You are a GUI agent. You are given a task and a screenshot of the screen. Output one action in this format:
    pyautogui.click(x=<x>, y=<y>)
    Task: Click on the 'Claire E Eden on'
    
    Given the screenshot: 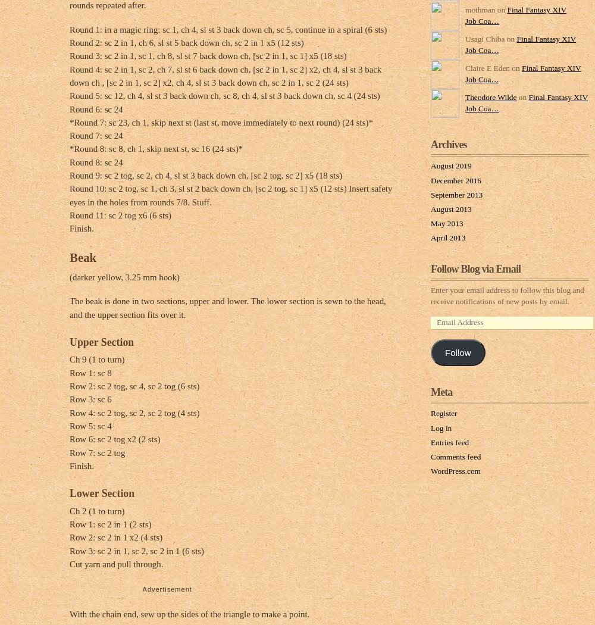 What is the action you would take?
    pyautogui.click(x=465, y=67)
    